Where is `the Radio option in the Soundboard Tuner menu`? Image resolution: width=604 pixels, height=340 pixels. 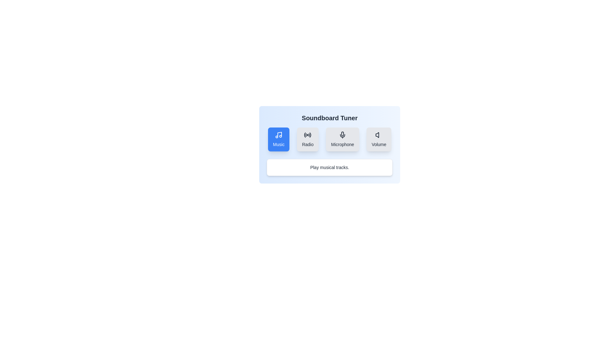
the Radio option in the Soundboard Tuner menu is located at coordinates (308, 139).